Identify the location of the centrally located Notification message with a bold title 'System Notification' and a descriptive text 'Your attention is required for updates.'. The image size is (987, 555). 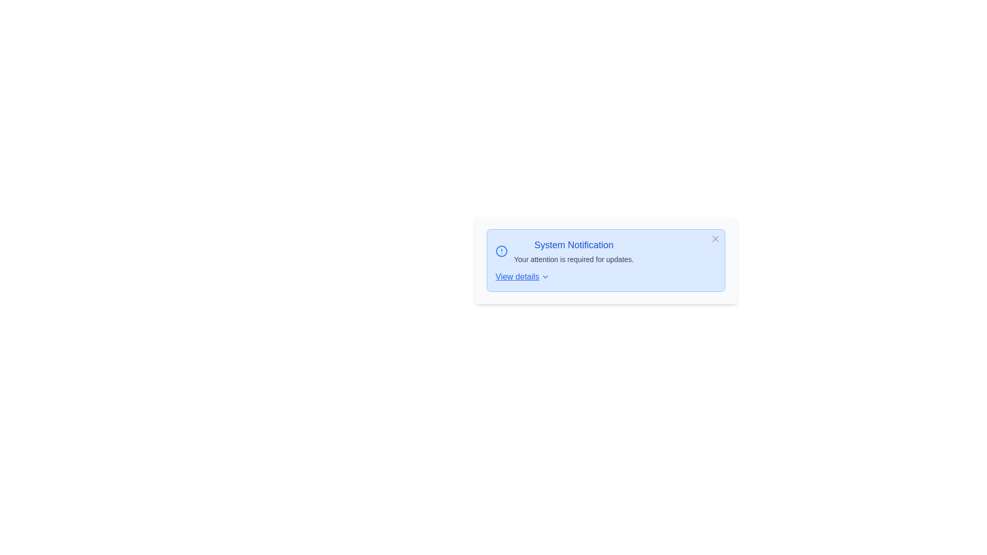
(606, 251).